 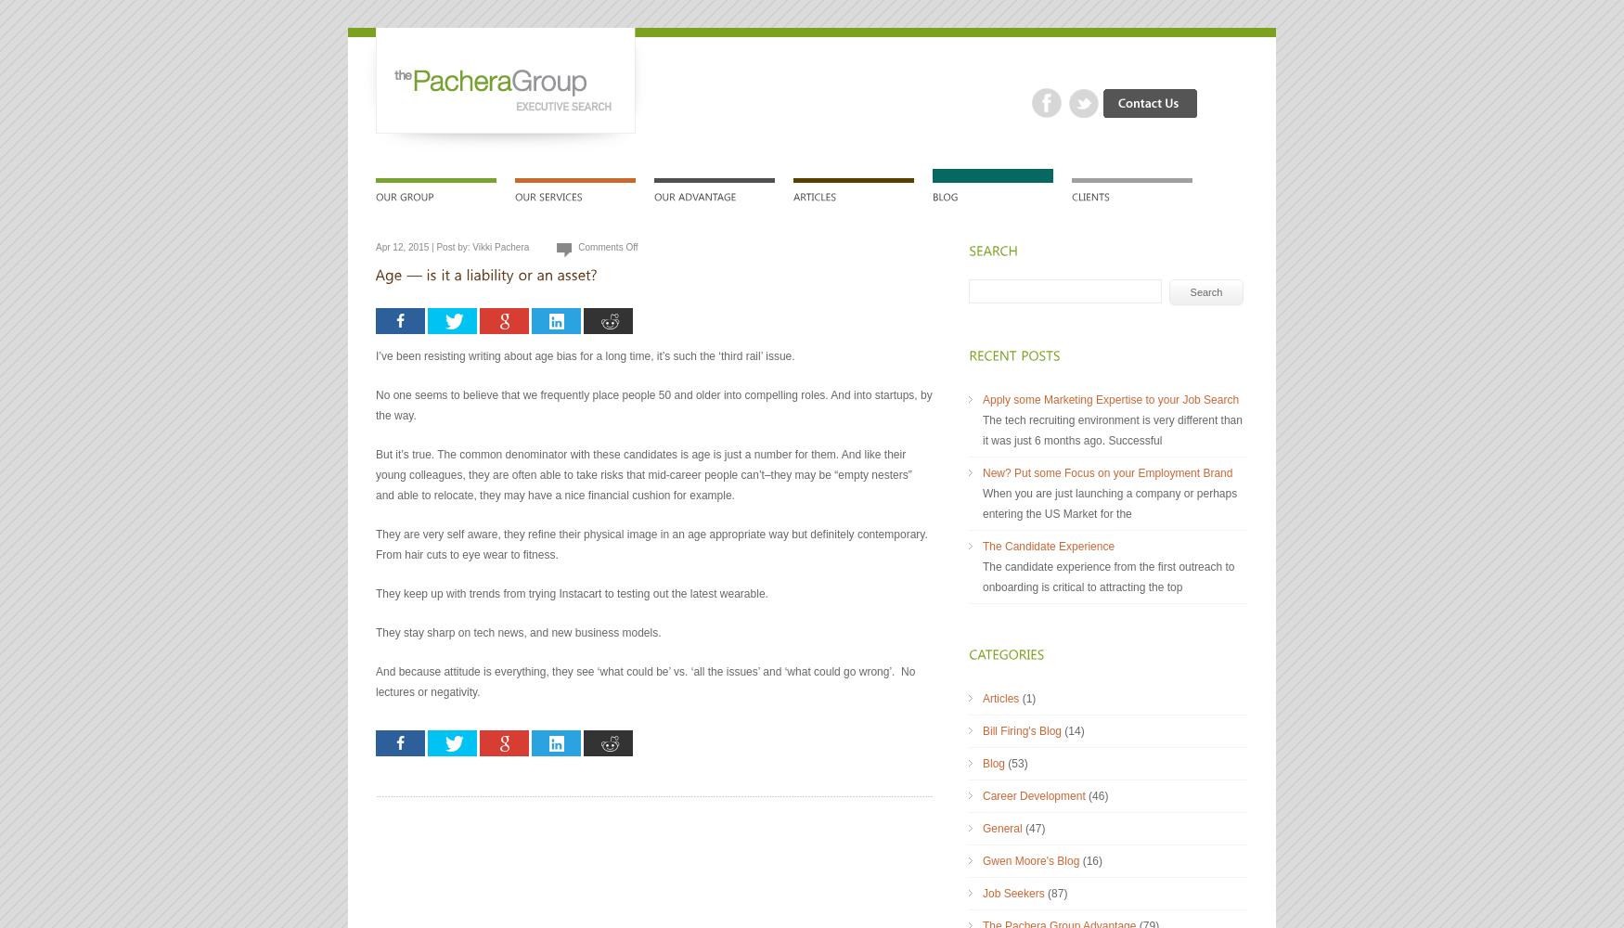 I want to click on 'Apply some Marketing Expertise to your Job Search', so click(x=1111, y=400).